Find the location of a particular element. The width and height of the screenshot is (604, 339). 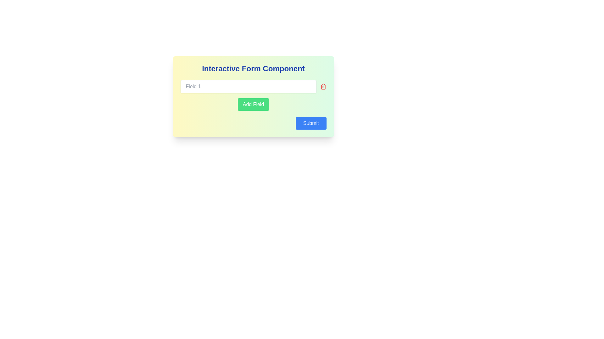

the Text Heading element, which serves as the title for the form, providing context for the interface is located at coordinates (253, 69).